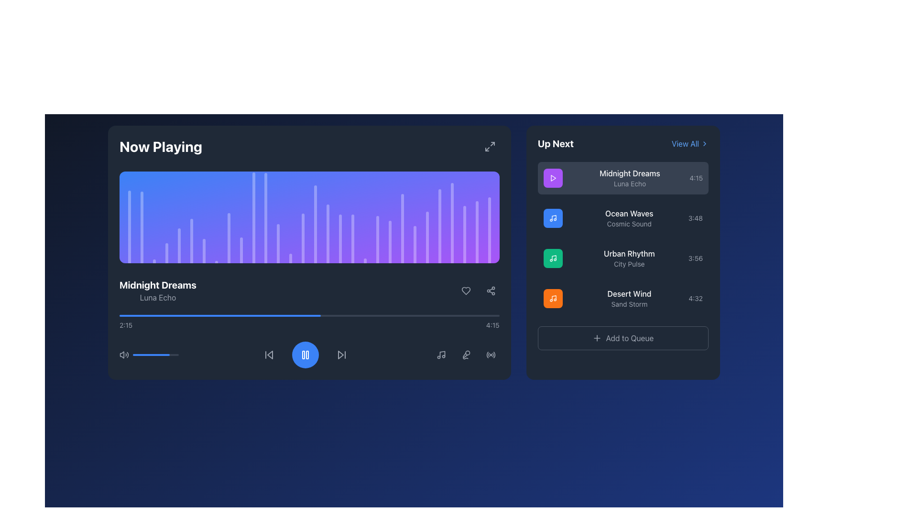 This screenshot has width=918, height=516. I want to click on the progress bar, so click(153, 315).